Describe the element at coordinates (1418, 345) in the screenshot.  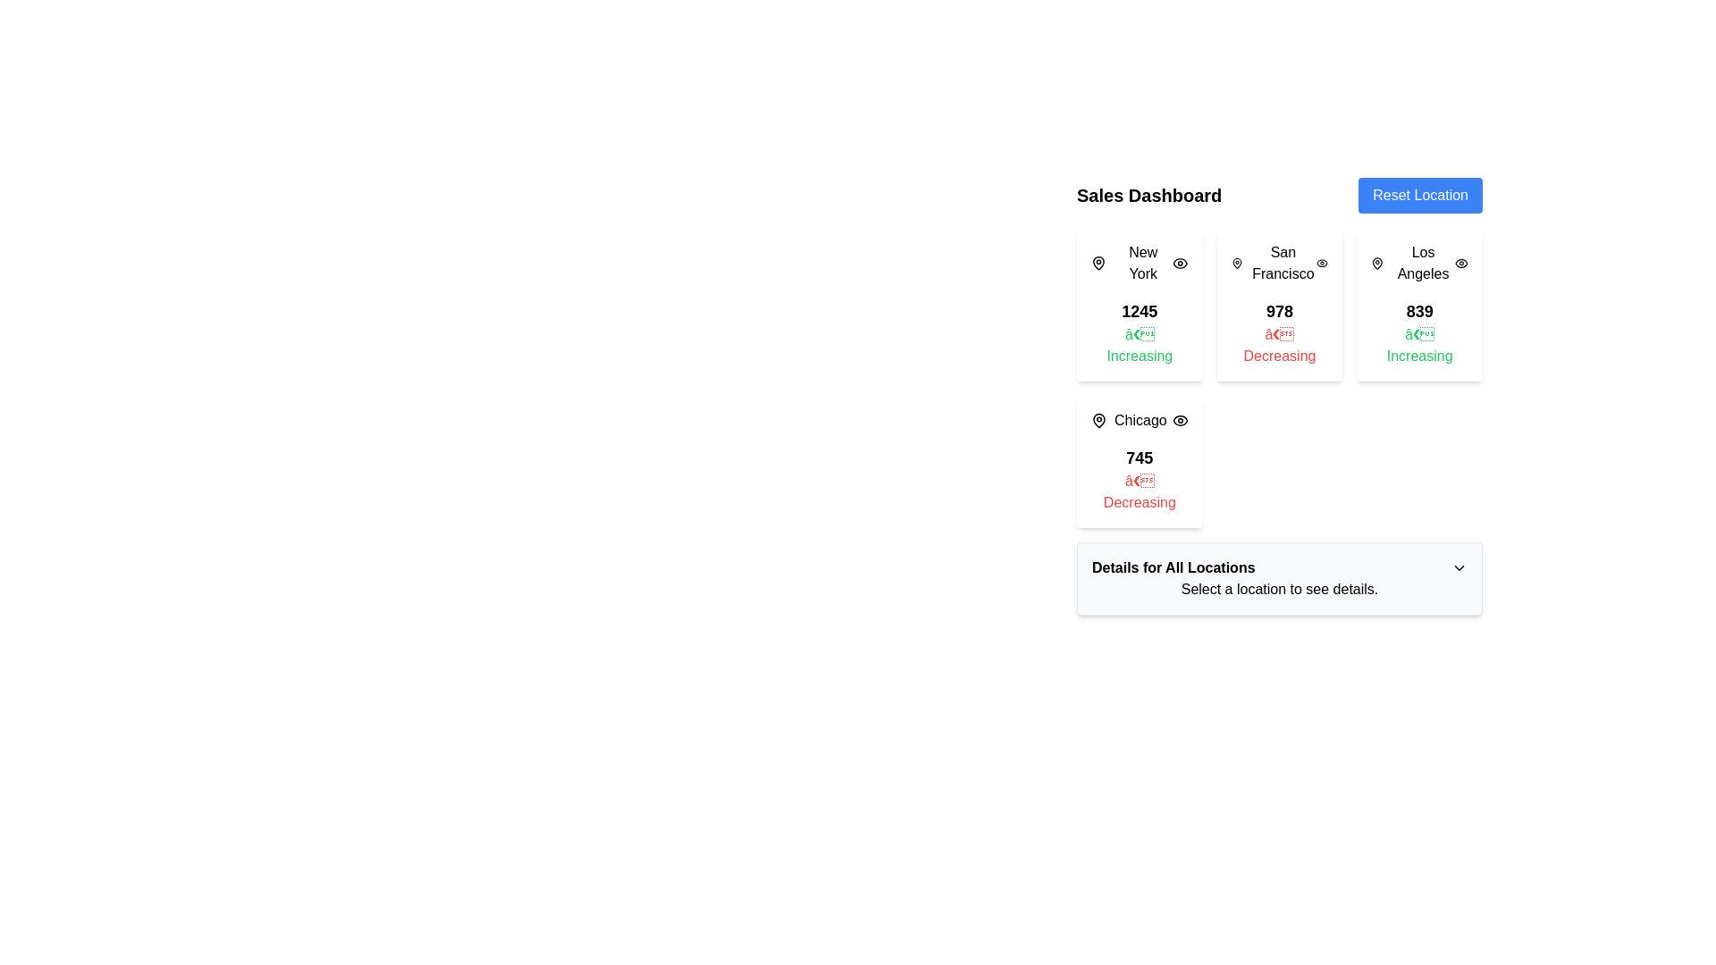
I see `text label that indicates the trend for the numerical data in the Los Angeles card, which displays '↑ Increasing' in green font color` at that location.